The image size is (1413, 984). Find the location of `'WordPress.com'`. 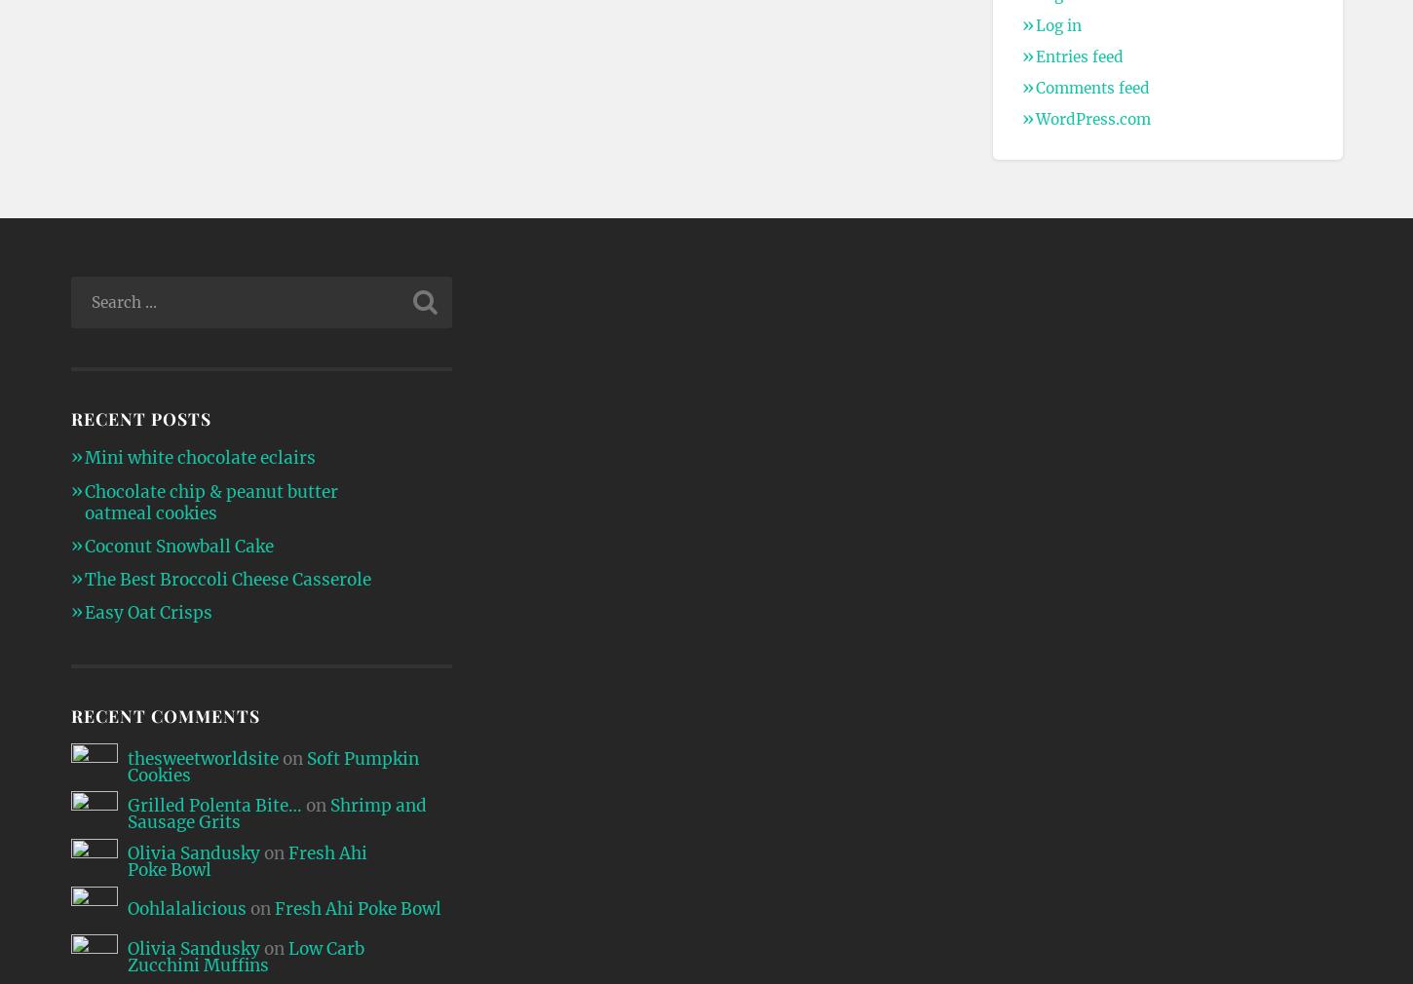

'WordPress.com' is located at coordinates (1034, 117).